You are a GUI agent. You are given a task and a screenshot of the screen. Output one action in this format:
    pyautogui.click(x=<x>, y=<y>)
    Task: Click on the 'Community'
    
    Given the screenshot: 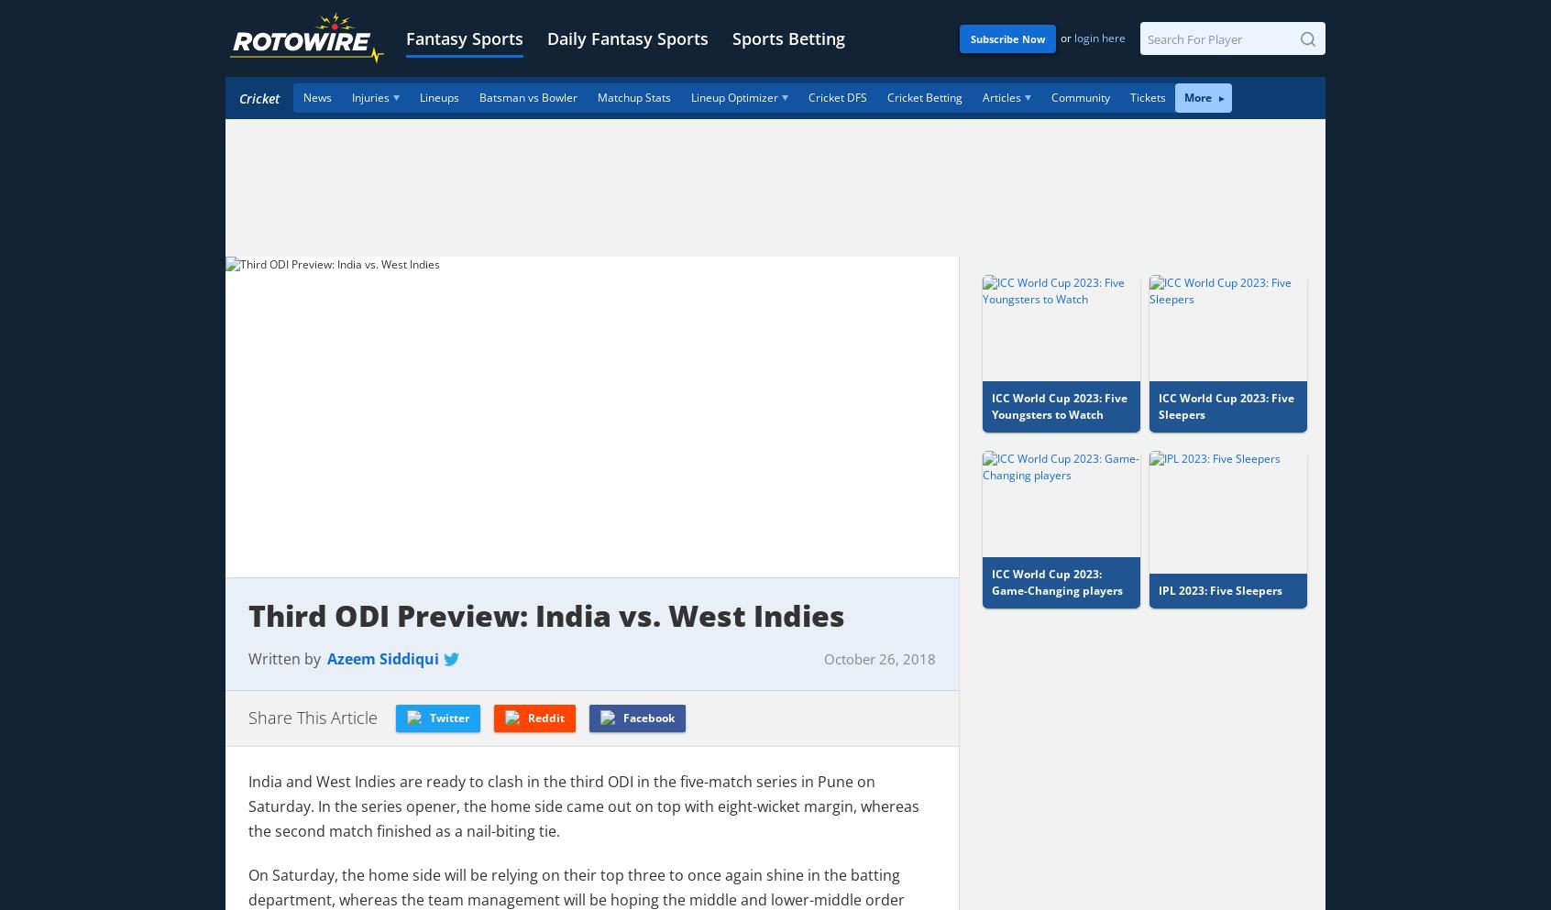 What is the action you would take?
    pyautogui.click(x=1050, y=96)
    